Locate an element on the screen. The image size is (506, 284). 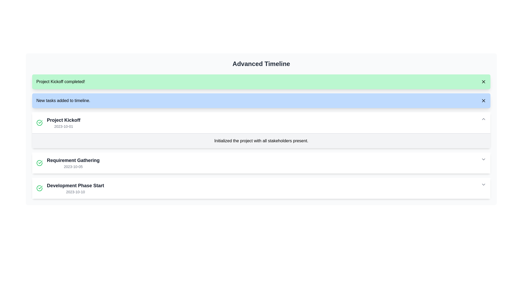
the upward-facing chevron icon located in the upper-right corner of the 'Project Kickoff' section header is located at coordinates (483, 119).